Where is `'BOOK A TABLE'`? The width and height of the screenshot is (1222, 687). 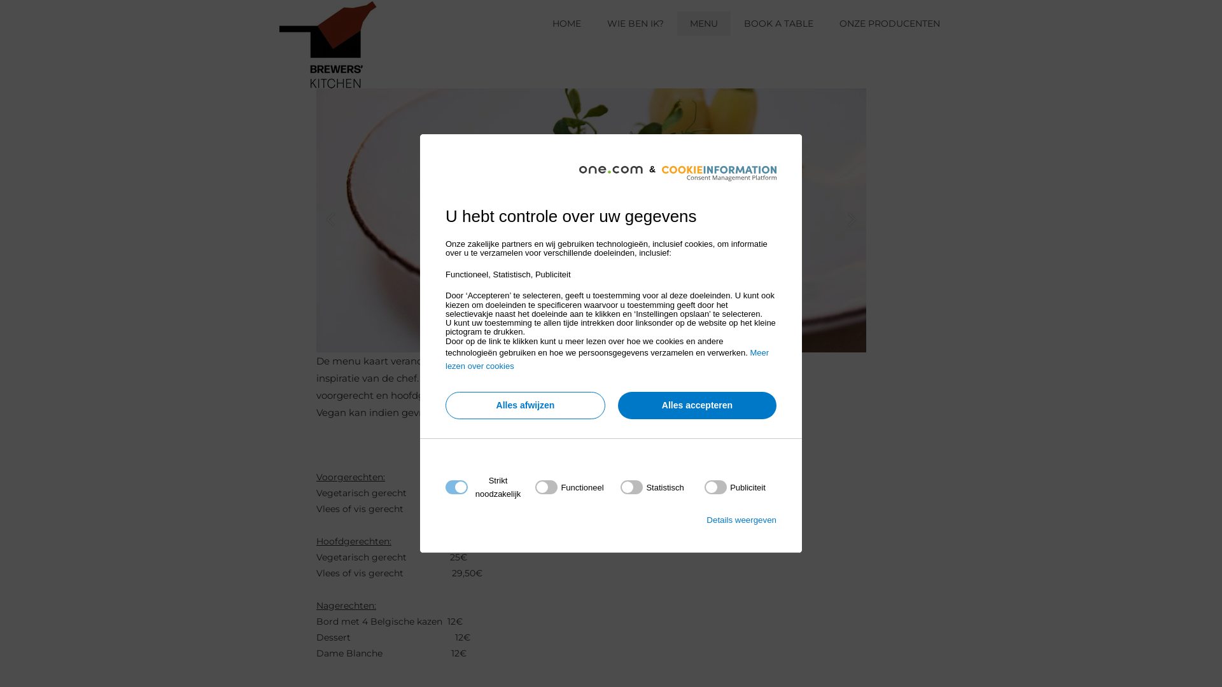 'BOOK A TABLE' is located at coordinates (778, 24).